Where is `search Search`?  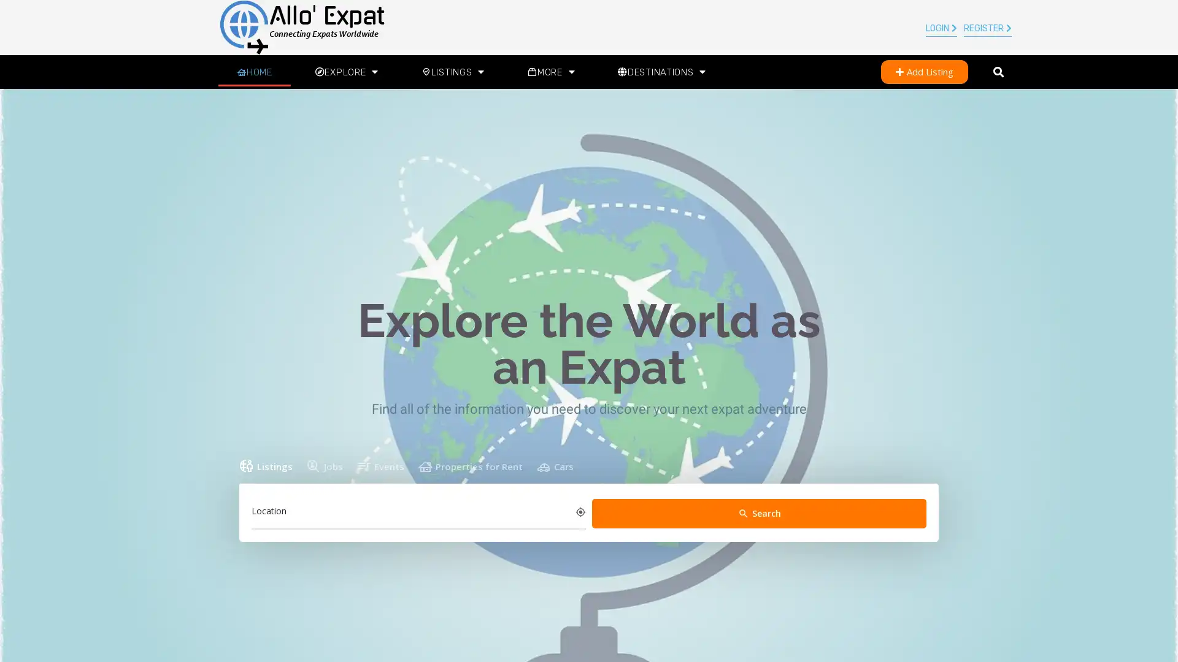
search Search is located at coordinates (758, 513).